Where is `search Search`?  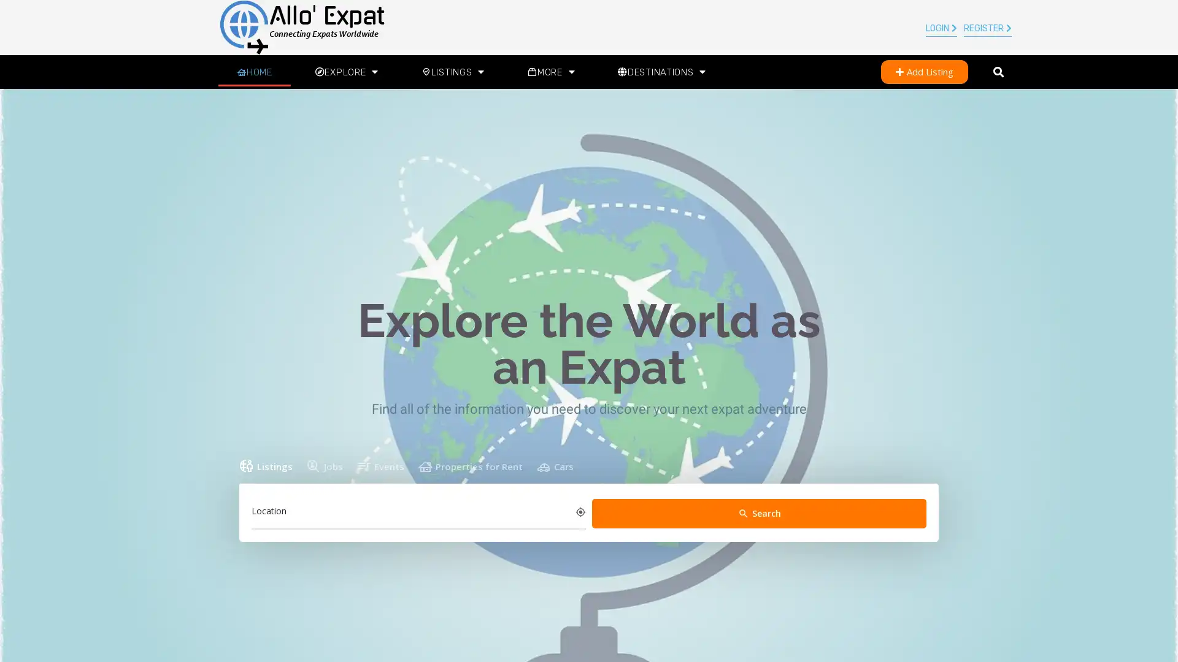
search Search is located at coordinates (758, 513).